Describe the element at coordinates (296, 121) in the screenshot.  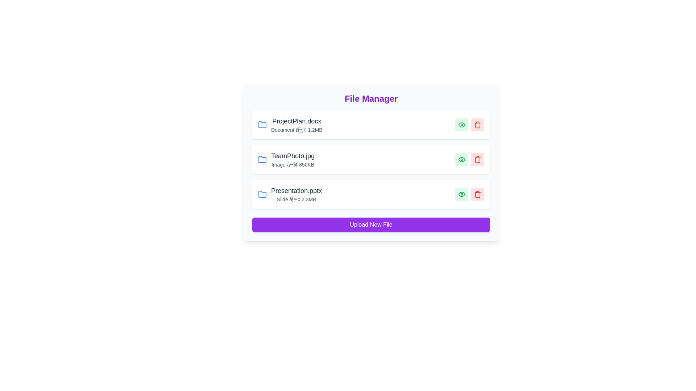
I see `the file name 'ProjectPlan.docx' to open it` at that location.